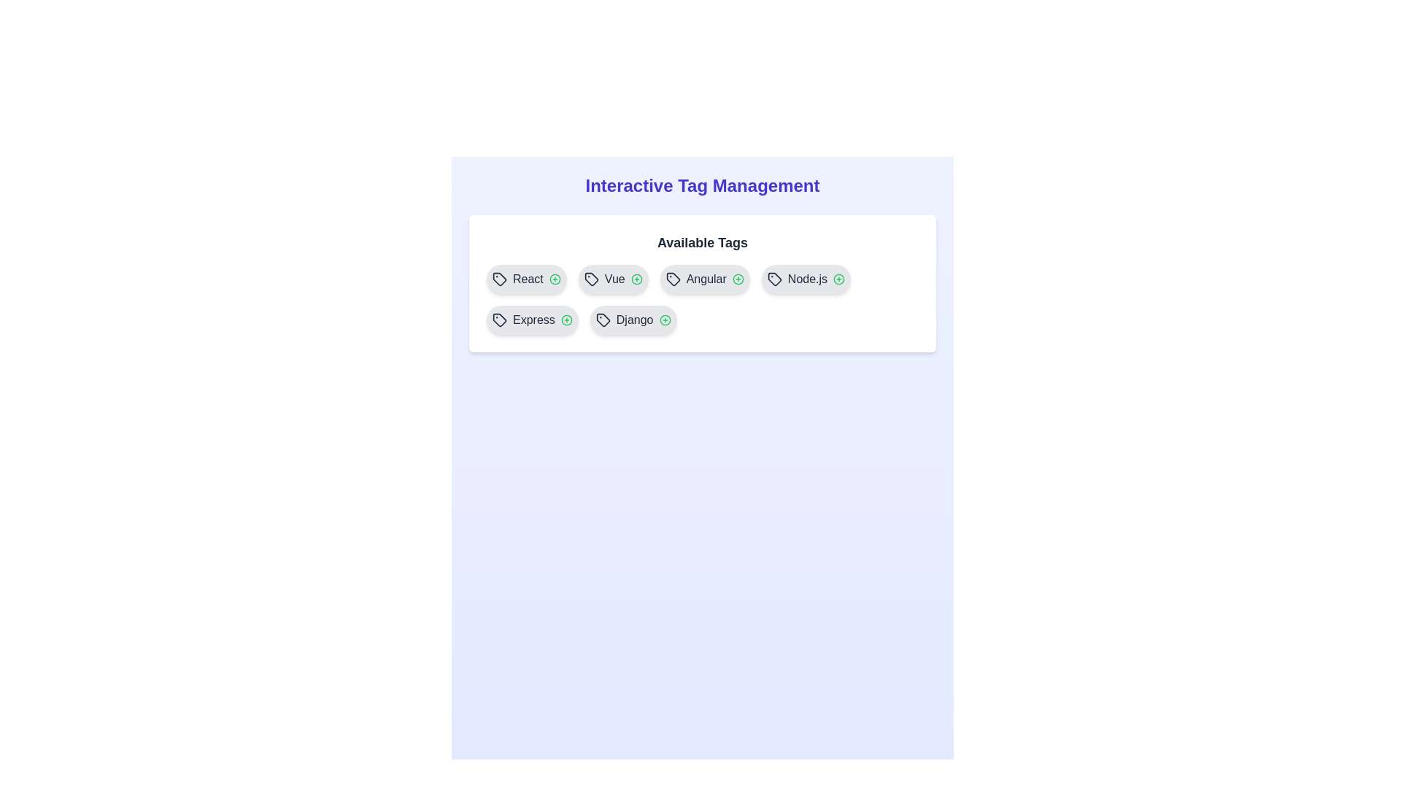 The width and height of the screenshot is (1401, 788). I want to click on the rounded rectangular button labeled 'Django' with a tag icon and a plus symbol, located, so click(633, 320).